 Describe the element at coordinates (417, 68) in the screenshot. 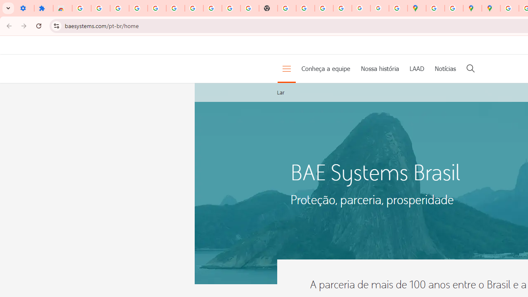

I see `'LAAD'` at that location.